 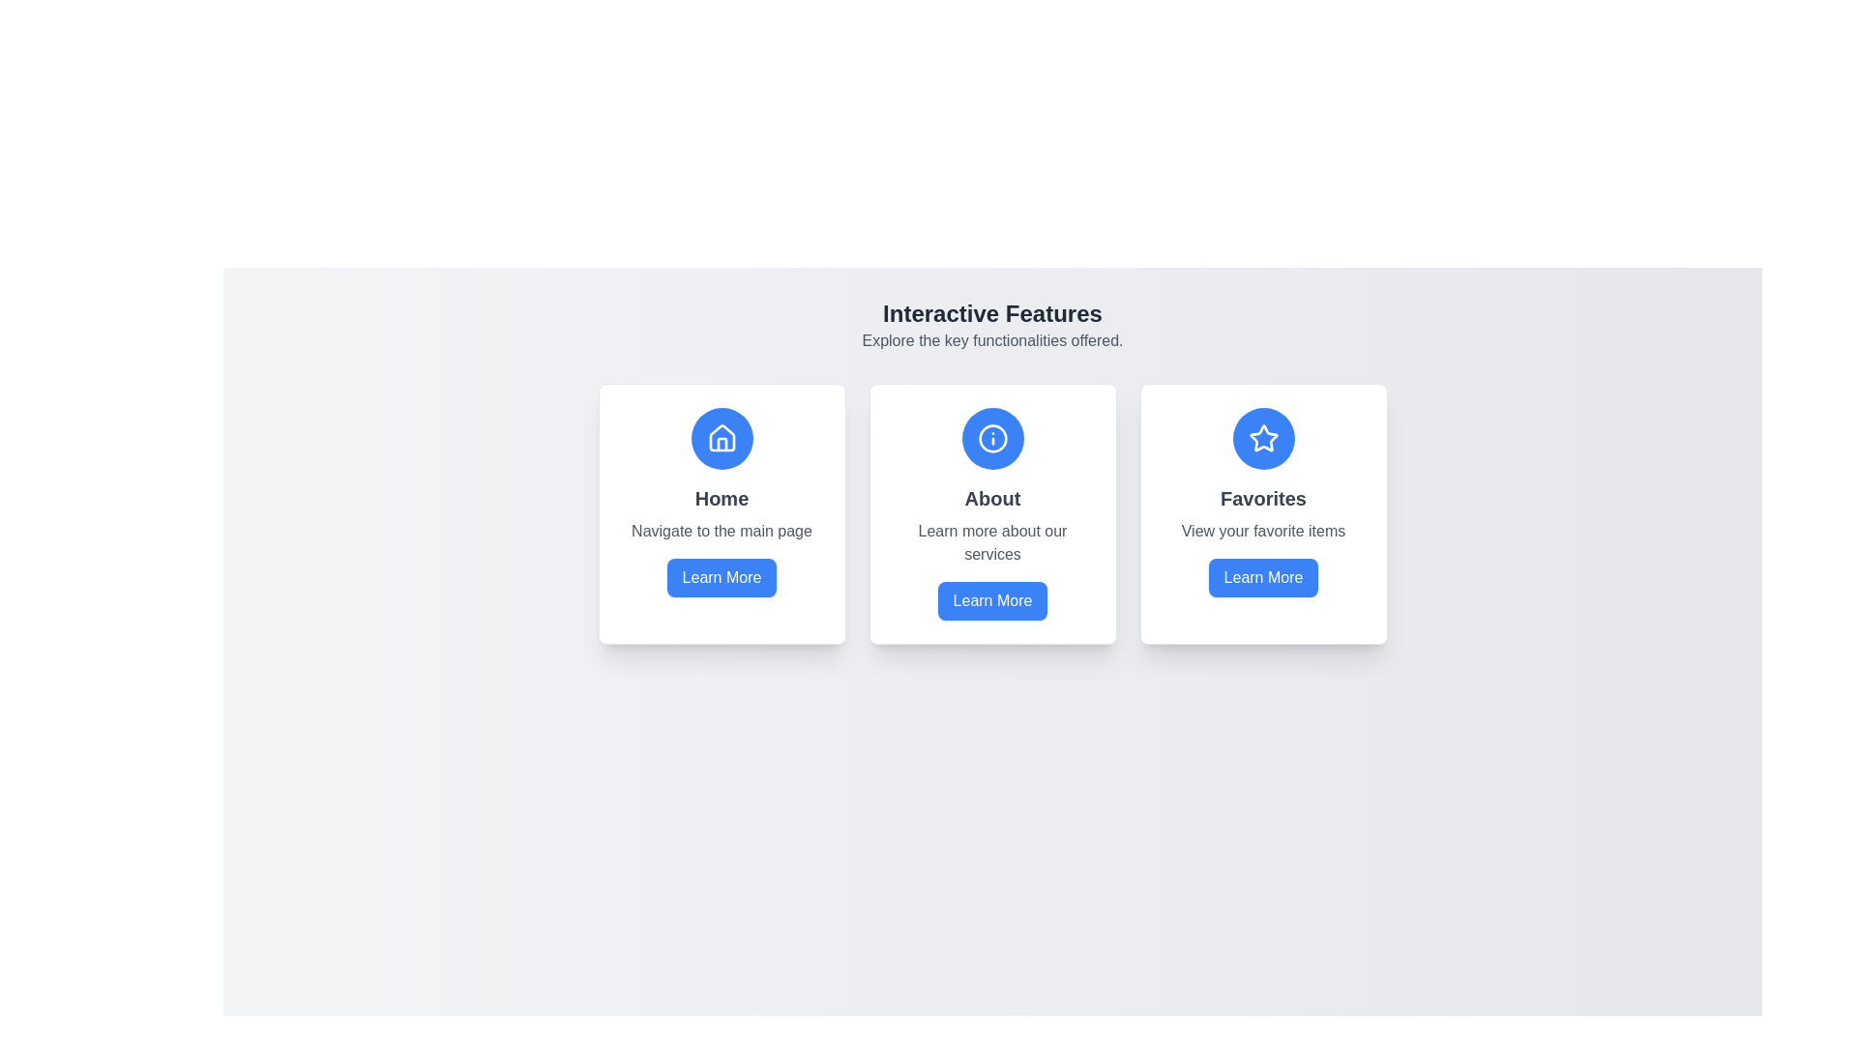 What do you see at coordinates (992, 439) in the screenshot?
I see `the circular 'info' icon located at the center of the 'About' card, which is the second card in a group of three horizontally aligned cards` at bounding box center [992, 439].